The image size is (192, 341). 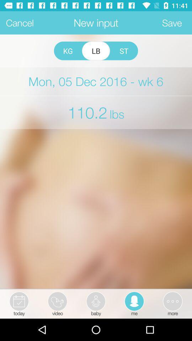 What do you see at coordinates (96, 50) in the screenshot?
I see `item above the mon 05 dec icon` at bounding box center [96, 50].